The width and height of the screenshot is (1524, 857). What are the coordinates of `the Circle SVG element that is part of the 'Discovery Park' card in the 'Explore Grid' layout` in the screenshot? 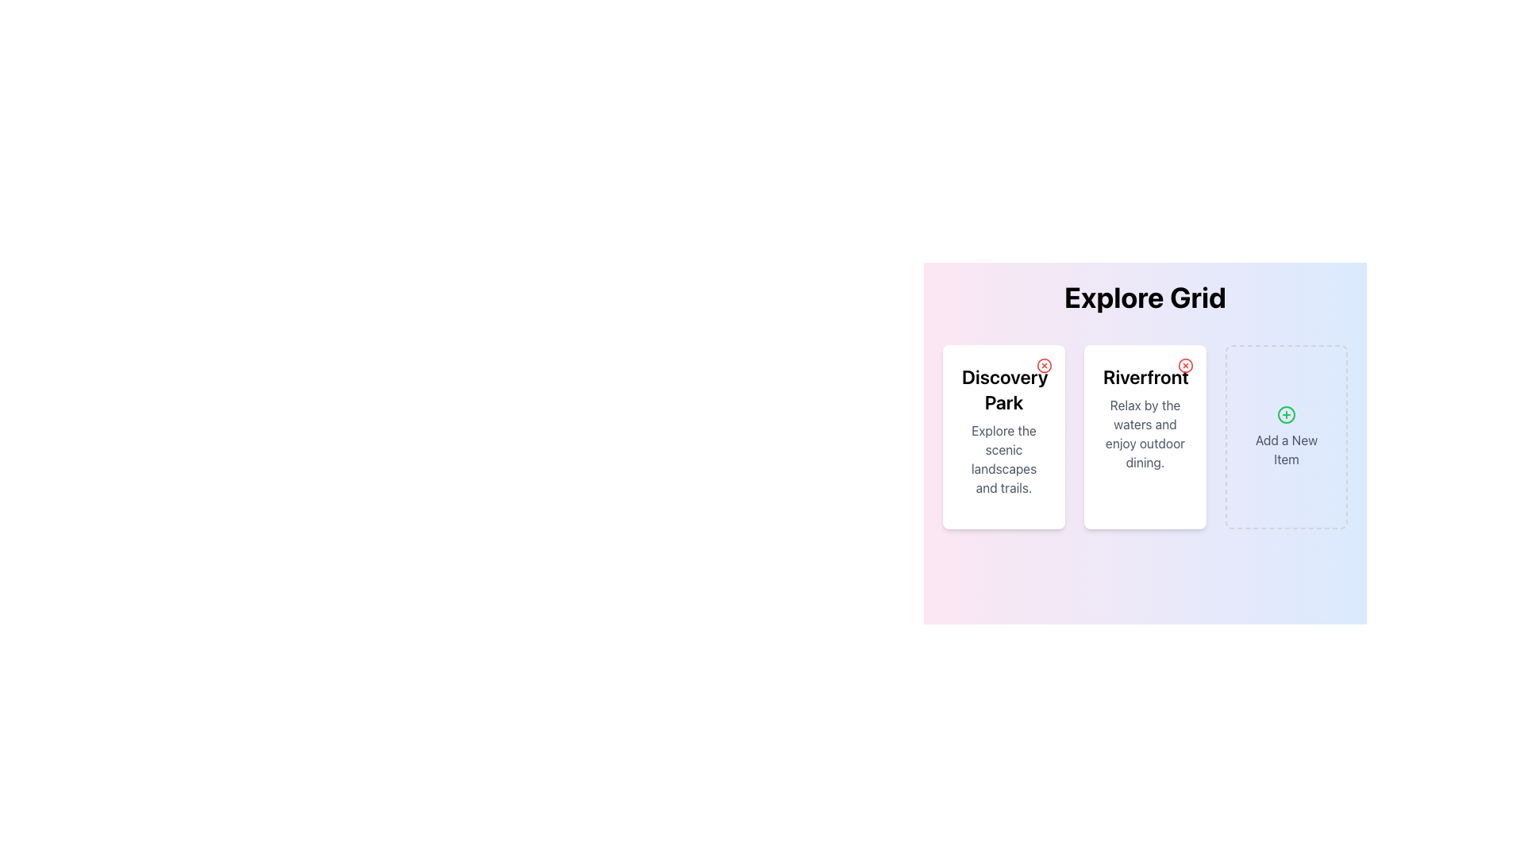 It's located at (1044, 366).